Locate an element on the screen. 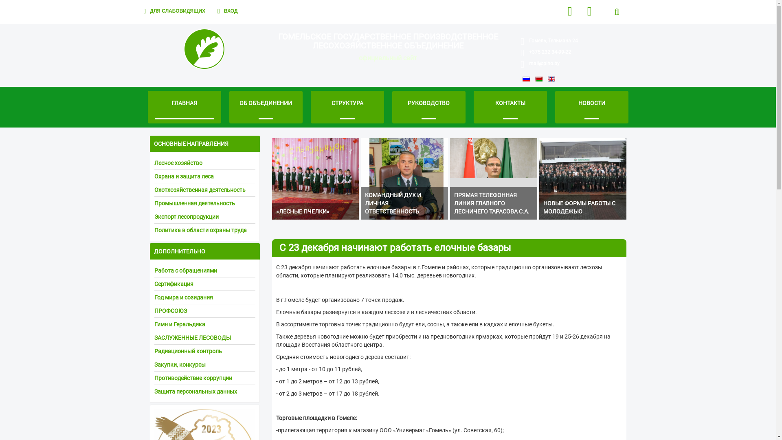  'ru-RU' is located at coordinates (526, 79).